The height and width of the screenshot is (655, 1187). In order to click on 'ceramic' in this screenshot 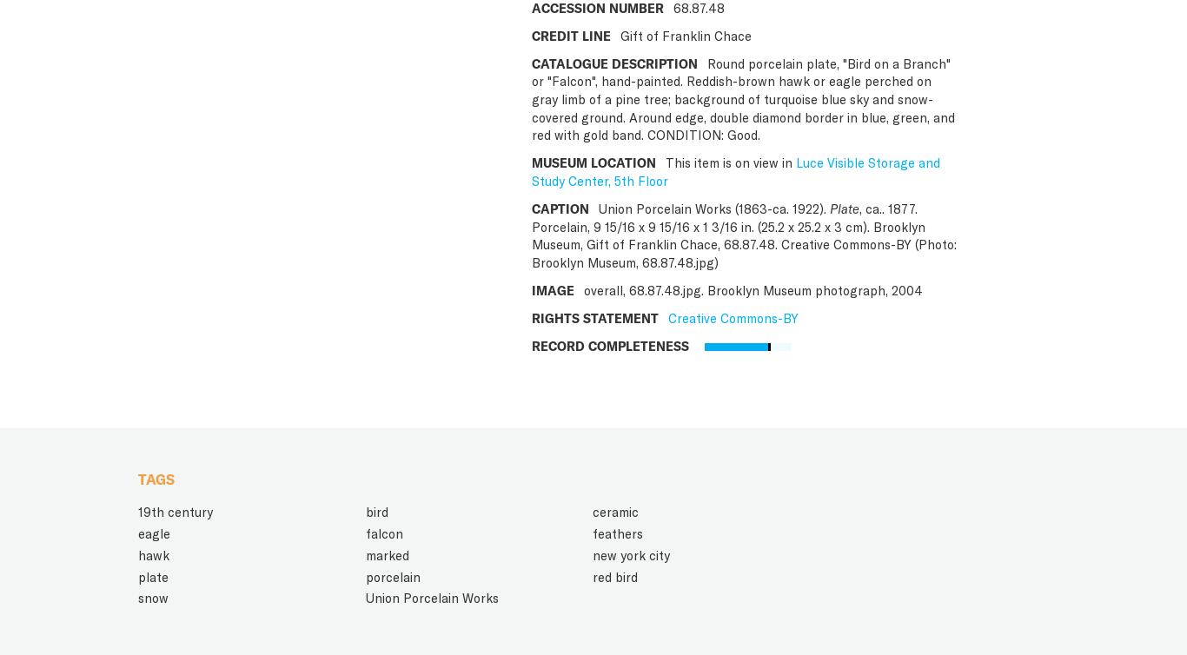, I will do `click(615, 511)`.